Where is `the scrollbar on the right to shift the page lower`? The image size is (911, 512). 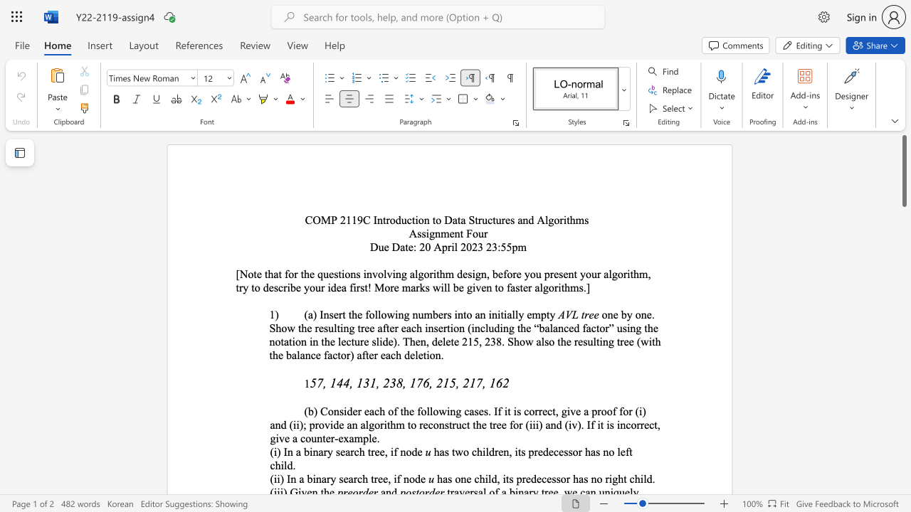
the scrollbar on the right to shift the page lower is located at coordinates (903, 263).